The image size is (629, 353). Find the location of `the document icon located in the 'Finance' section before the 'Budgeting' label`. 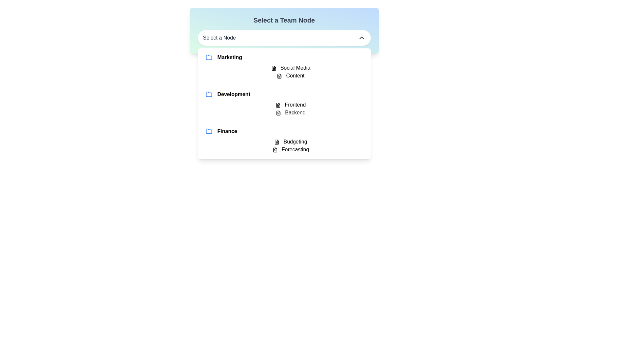

the document icon located in the 'Finance' section before the 'Budgeting' label is located at coordinates (277, 142).